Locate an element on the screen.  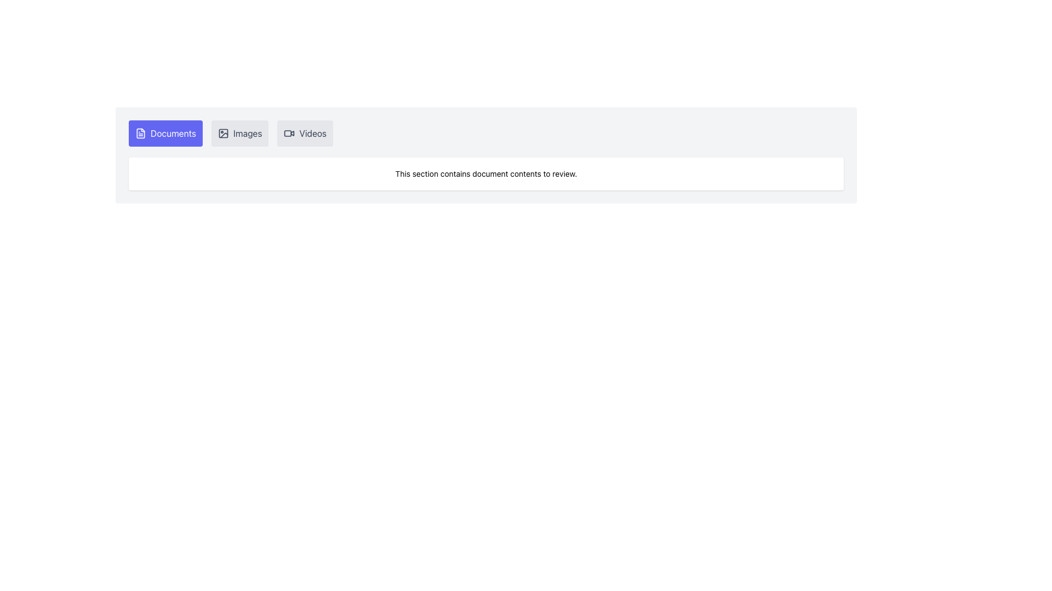
the image icon in the middle tab of the horizontal navigation bar labeled 'Images' is located at coordinates (223, 132).